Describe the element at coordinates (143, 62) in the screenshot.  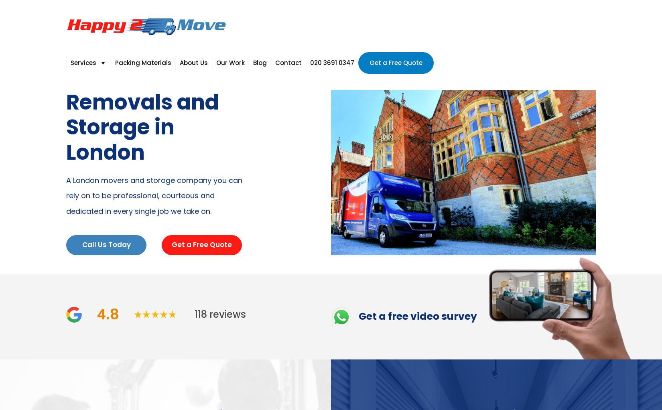
I see `'Packing Materials'` at that location.